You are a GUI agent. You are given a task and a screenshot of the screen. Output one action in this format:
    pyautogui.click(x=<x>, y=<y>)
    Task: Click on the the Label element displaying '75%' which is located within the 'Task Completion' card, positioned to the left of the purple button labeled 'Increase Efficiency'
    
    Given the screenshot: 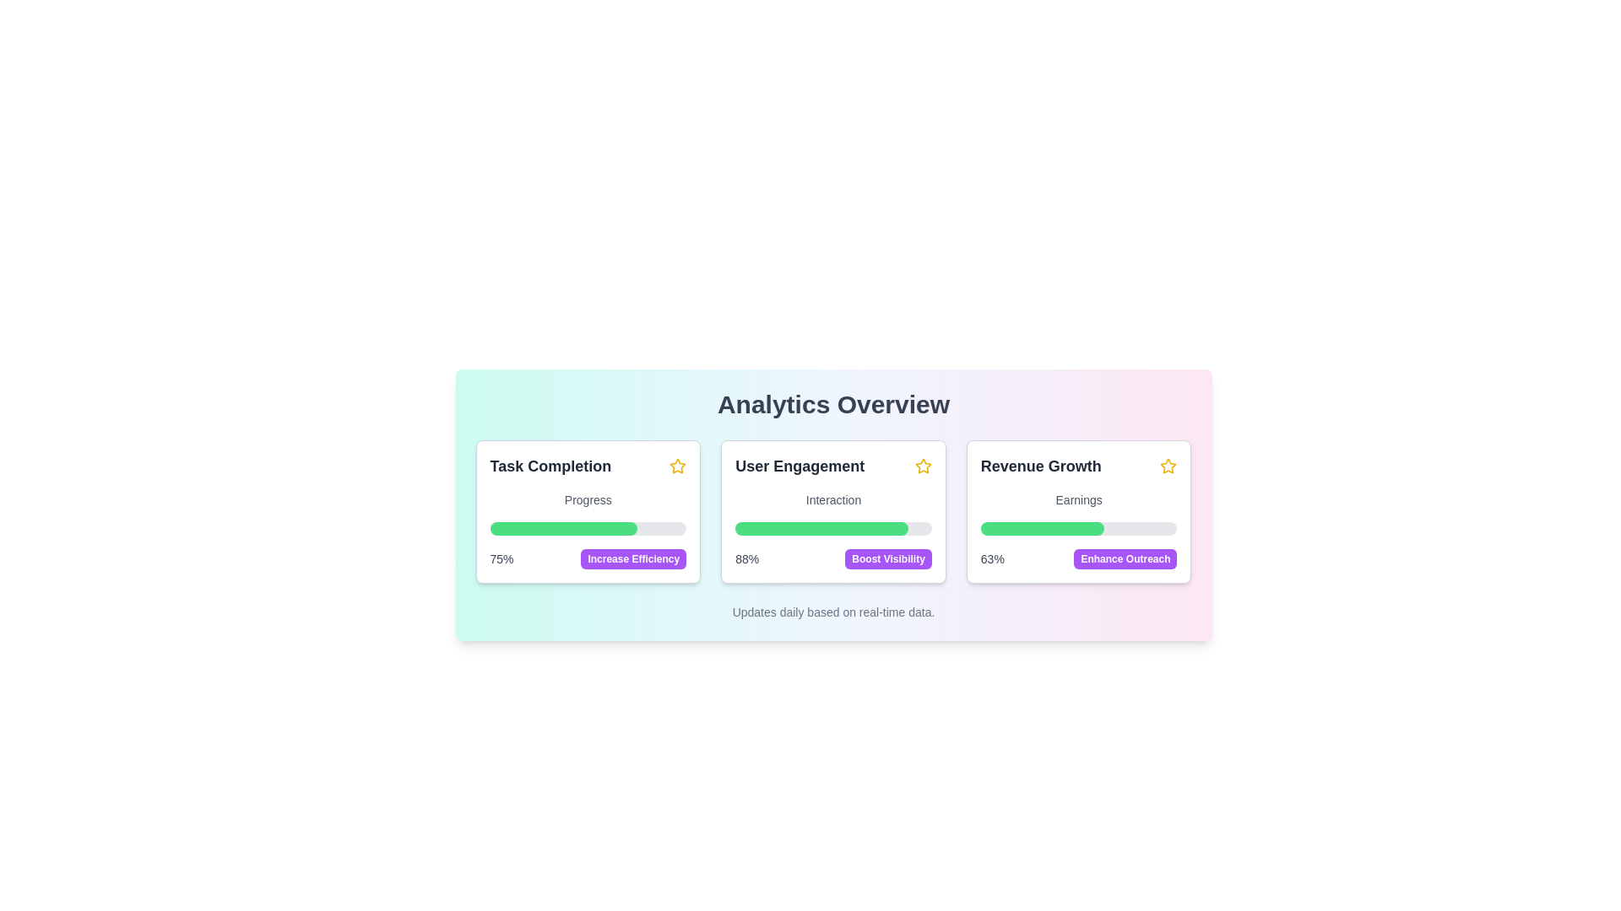 What is the action you would take?
    pyautogui.click(x=501, y=559)
    